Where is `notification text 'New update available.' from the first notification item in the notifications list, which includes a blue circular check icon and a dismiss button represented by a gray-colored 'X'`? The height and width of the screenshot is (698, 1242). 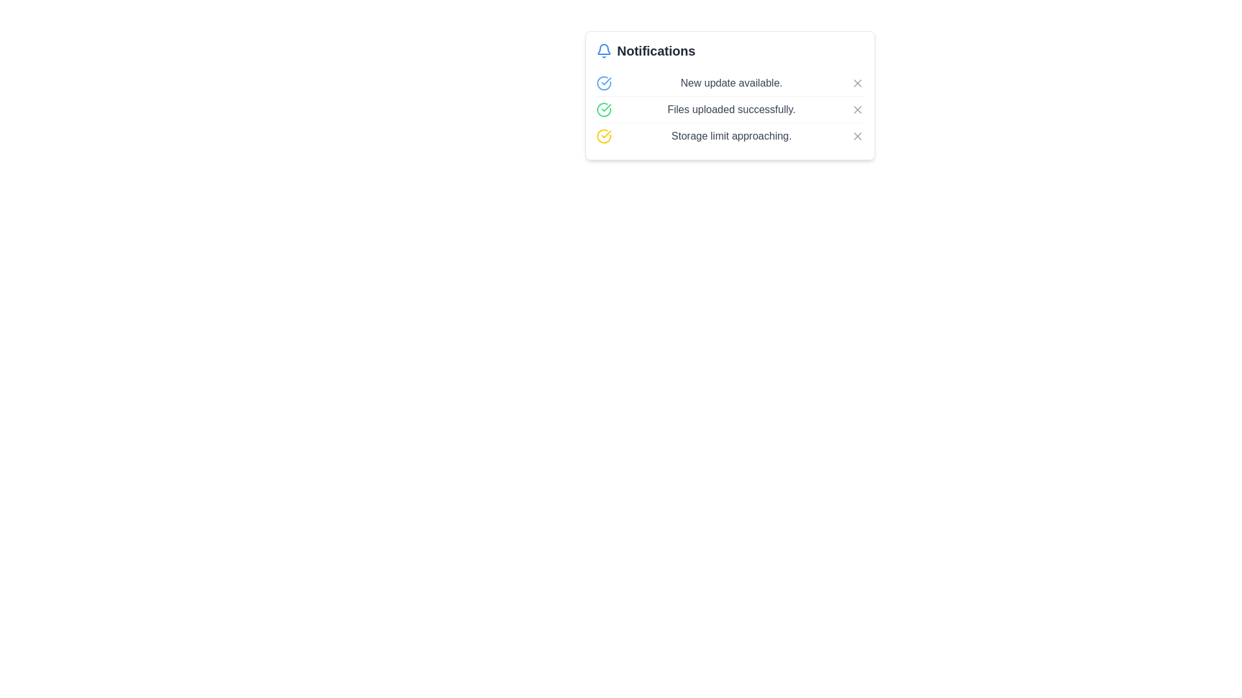 notification text 'New update available.' from the first notification item in the notifications list, which includes a blue circular check icon and a dismiss button represented by a gray-colored 'X' is located at coordinates (730, 83).